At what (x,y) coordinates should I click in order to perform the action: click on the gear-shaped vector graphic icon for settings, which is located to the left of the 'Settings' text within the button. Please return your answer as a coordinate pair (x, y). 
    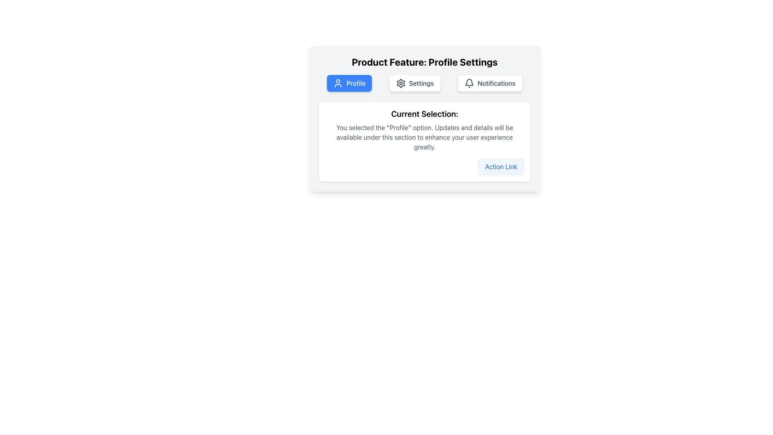
    Looking at the image, I should click on (401, 83).